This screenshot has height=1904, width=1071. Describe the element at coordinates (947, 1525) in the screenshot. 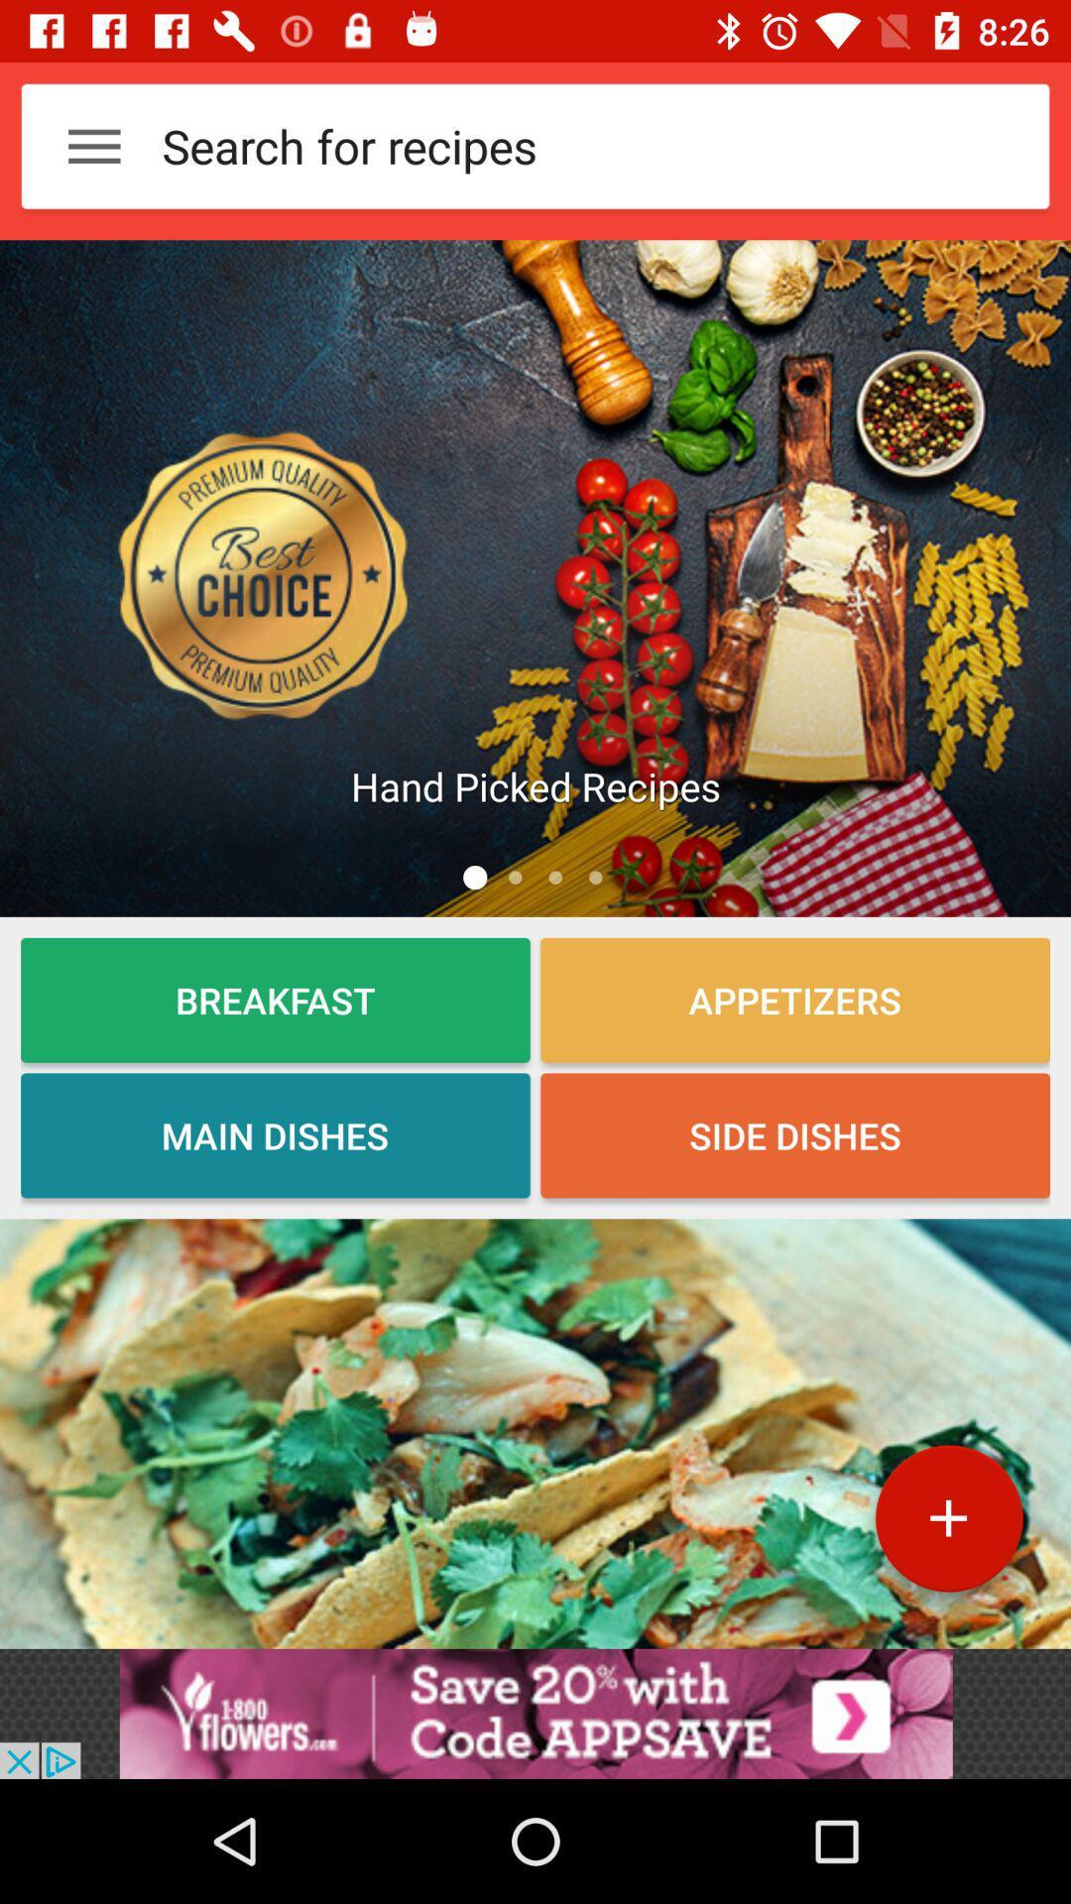

I see `the add icon` at that location.